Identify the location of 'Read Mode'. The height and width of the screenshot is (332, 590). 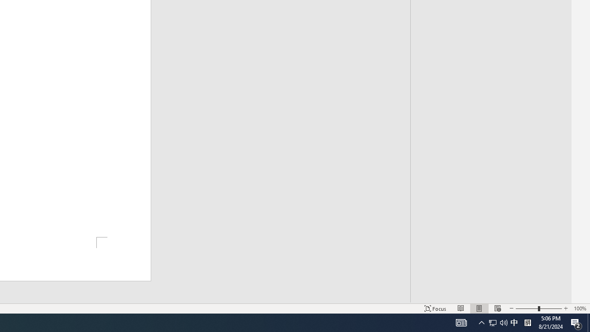
(461, 308).